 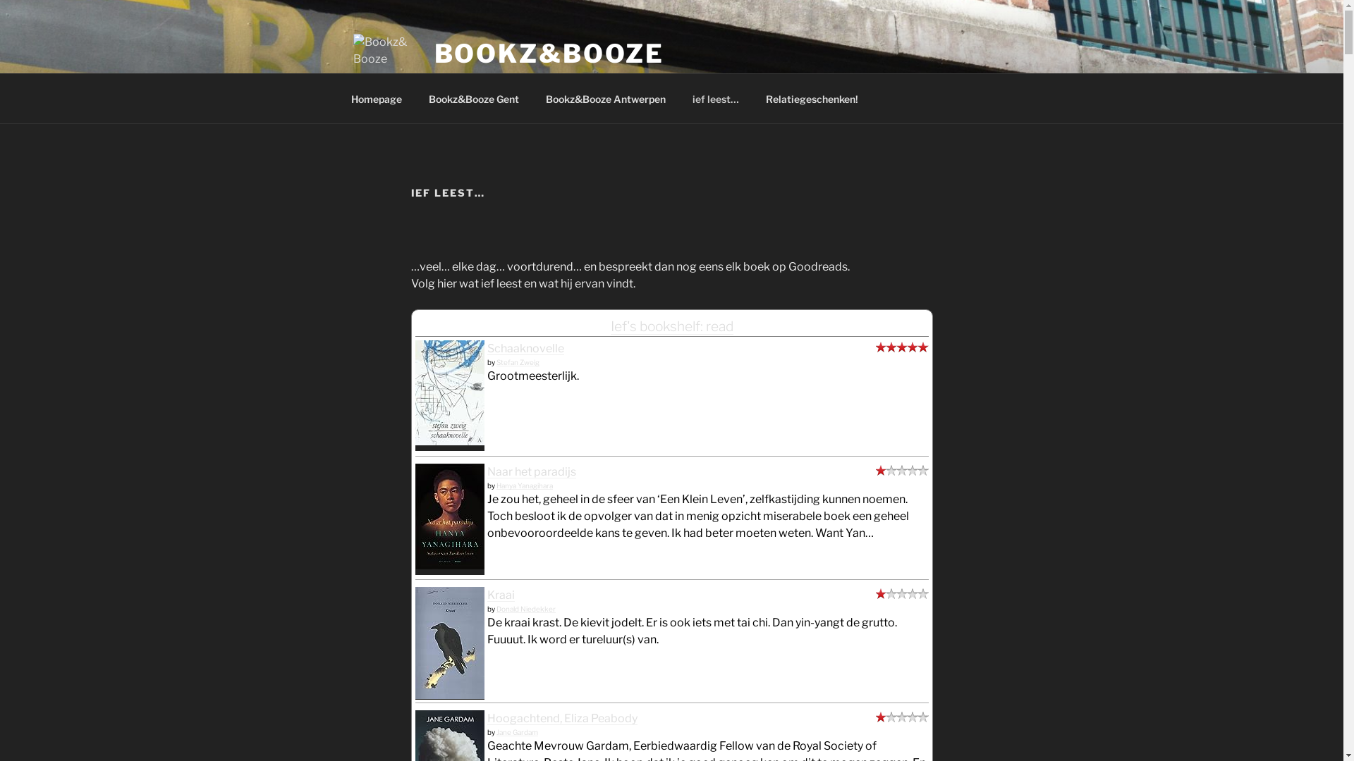 What do you see at coordinates (525, 608) in the screenshot?
I see `'Donald Niedekker'` at bounding box center [525, 608].